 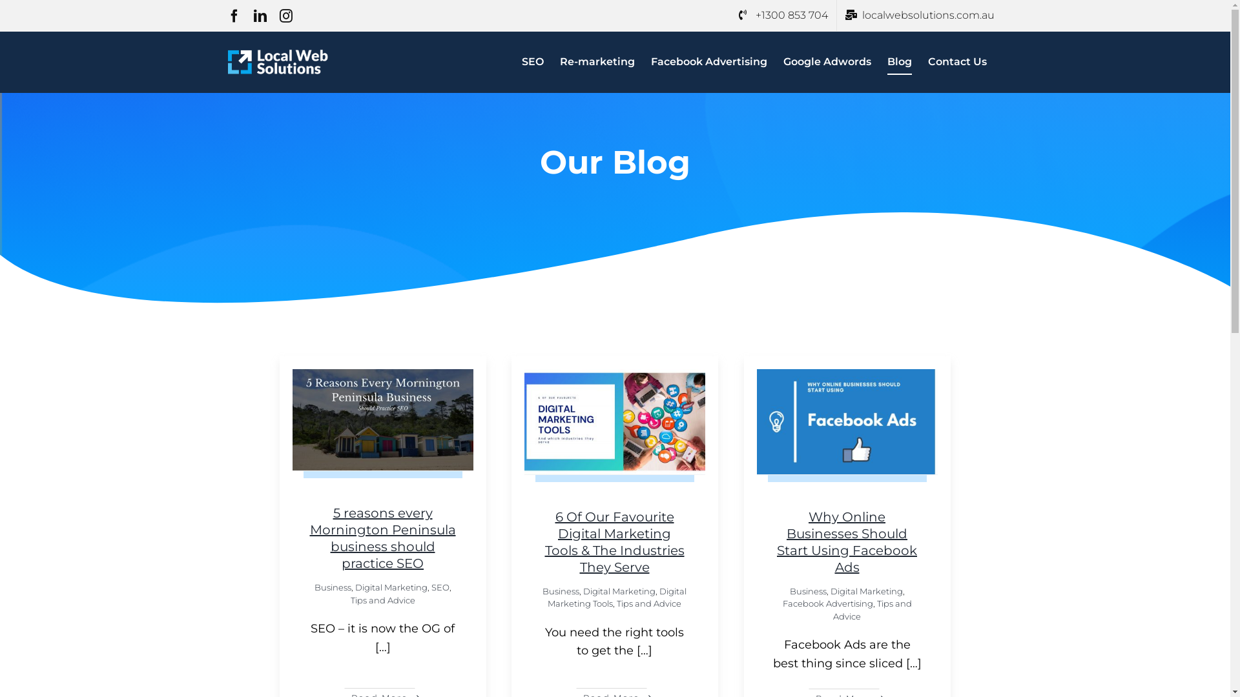 I want to click on 'Contact Us', so click(x=956, y=62).